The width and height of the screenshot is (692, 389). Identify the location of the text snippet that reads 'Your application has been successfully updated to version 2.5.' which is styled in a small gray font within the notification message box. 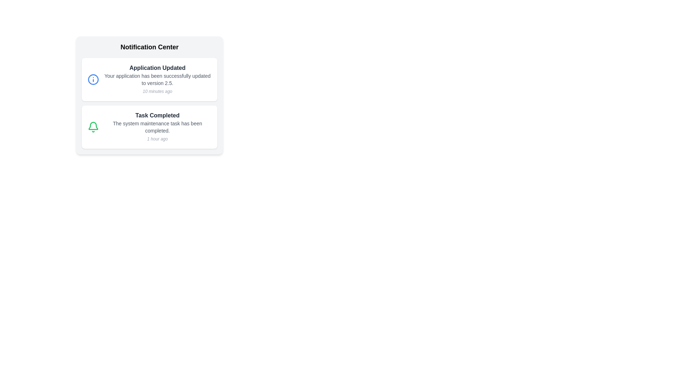
(157, 79).